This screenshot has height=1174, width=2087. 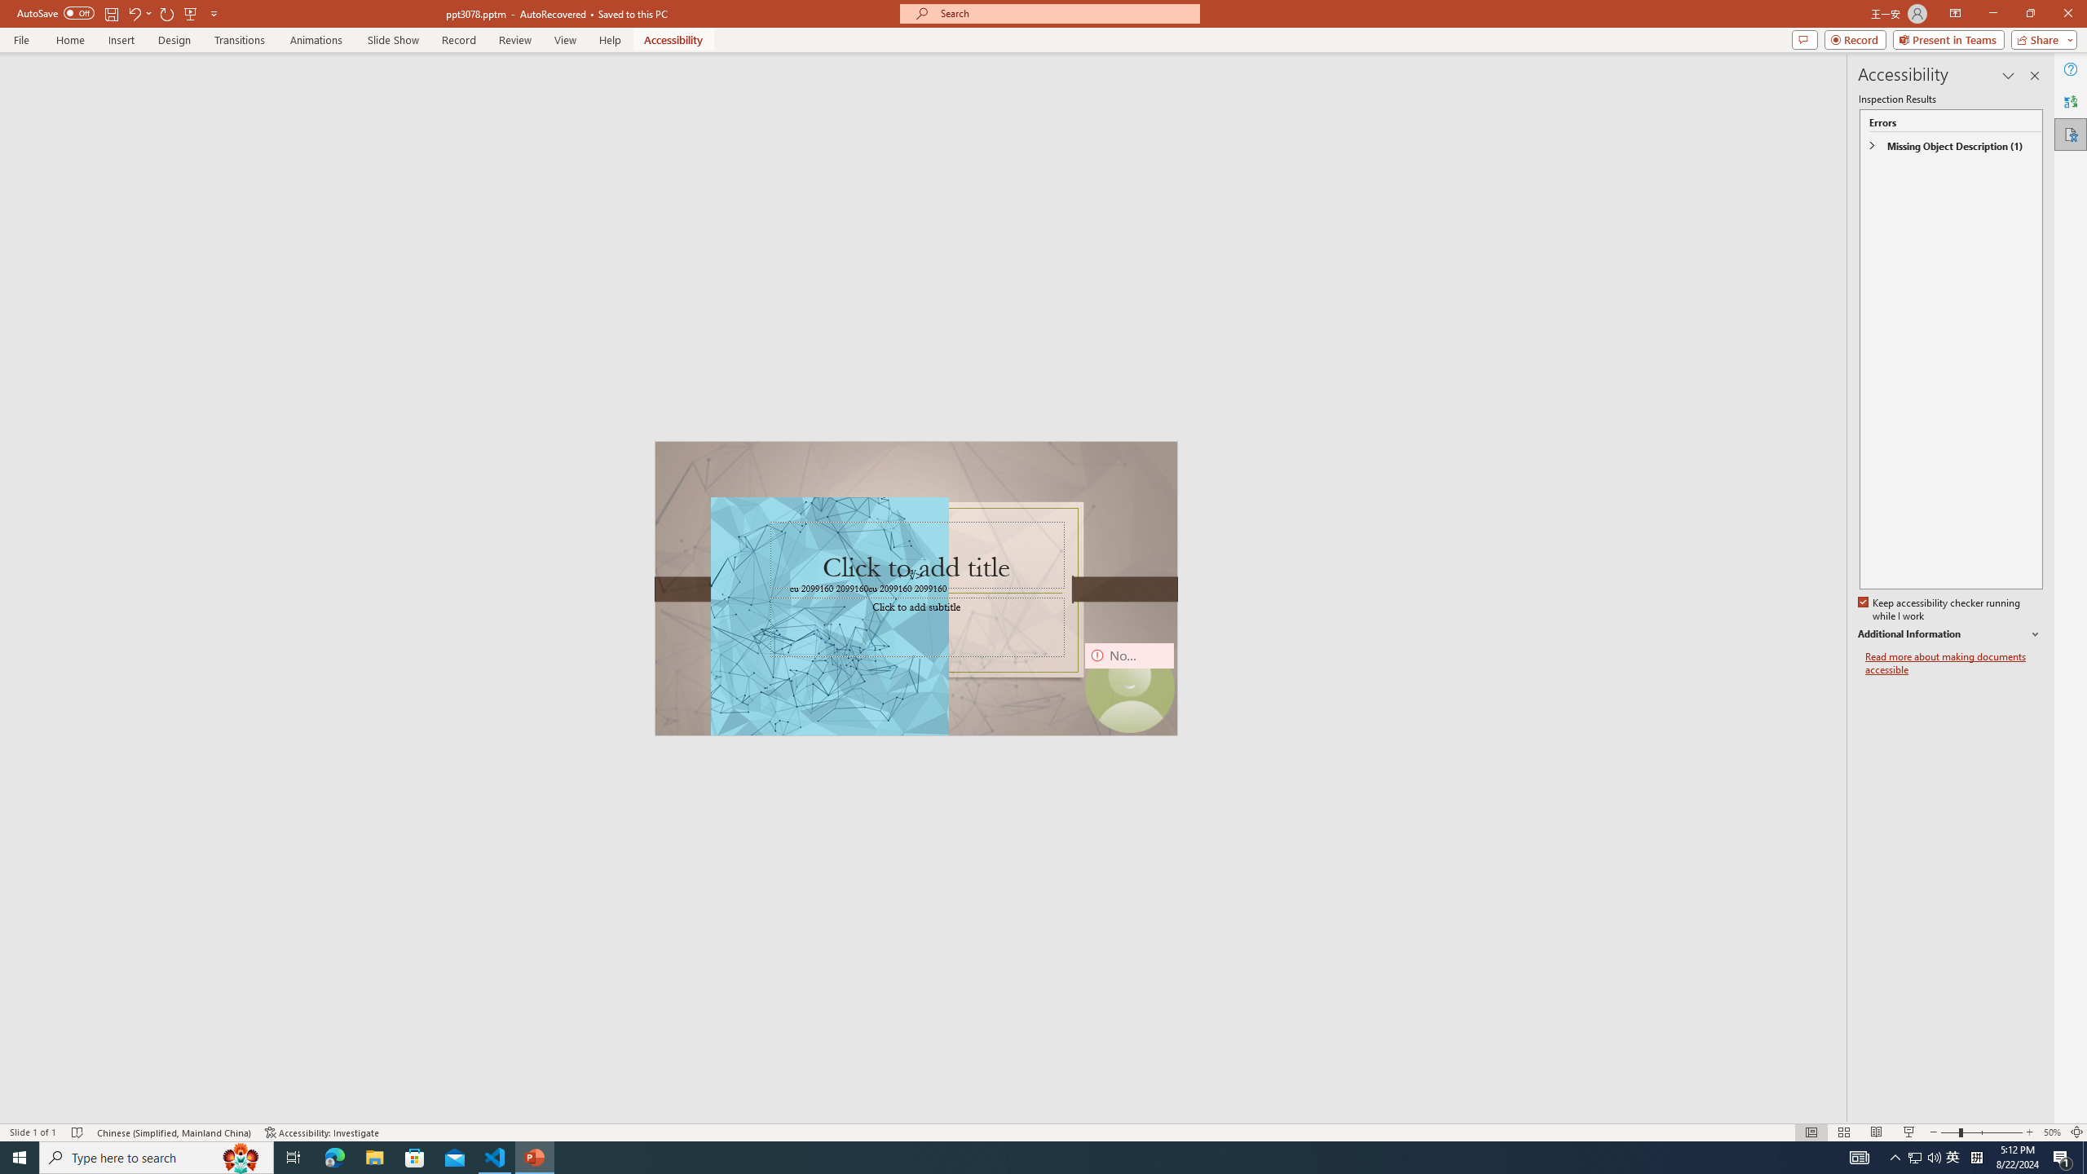 I want to click on 'Camera 9, No camera detected.', so click(x=1127, y=686).